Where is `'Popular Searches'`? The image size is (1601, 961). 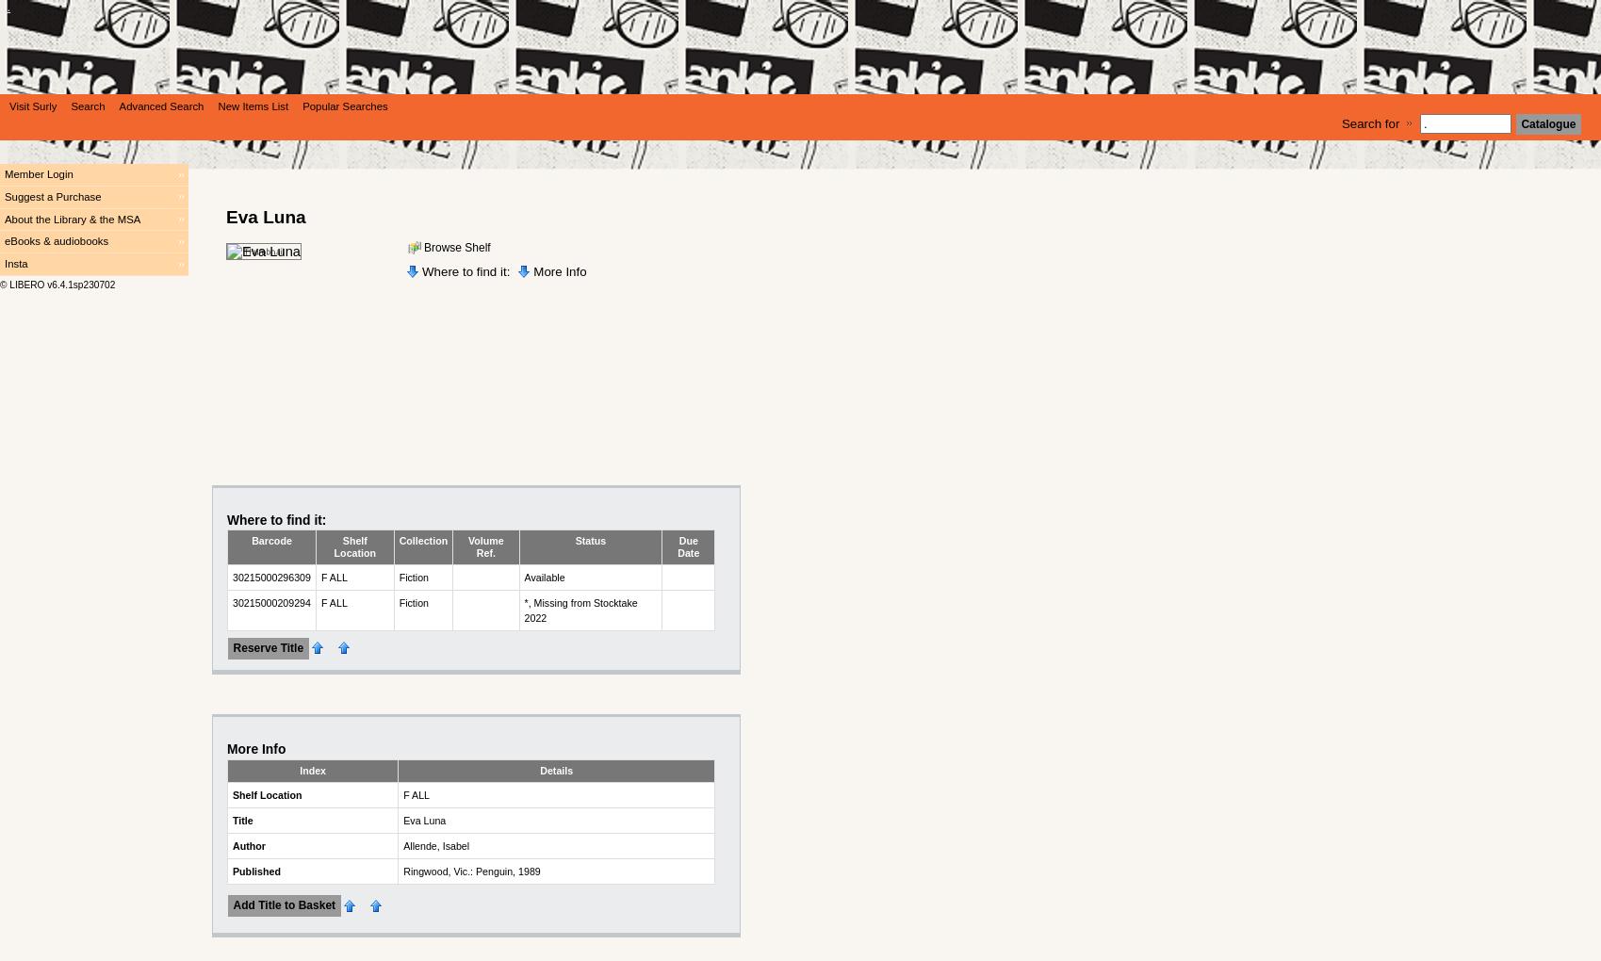
'Popular Searches' is located at coordinates (343, 106).